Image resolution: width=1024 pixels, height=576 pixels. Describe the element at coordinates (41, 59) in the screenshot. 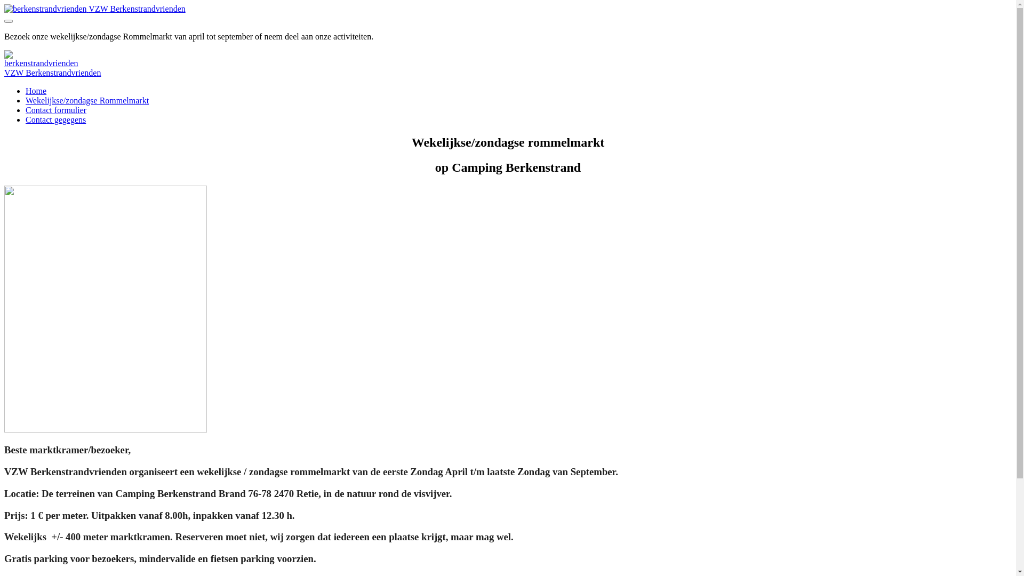

I see `'berkenstrandvrienden'` at that location.